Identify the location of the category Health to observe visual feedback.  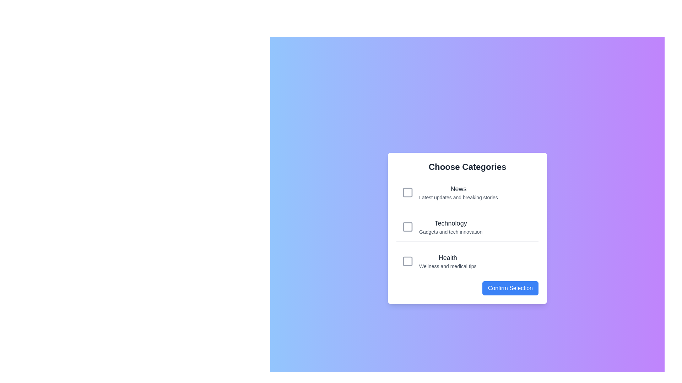
(467, 261).